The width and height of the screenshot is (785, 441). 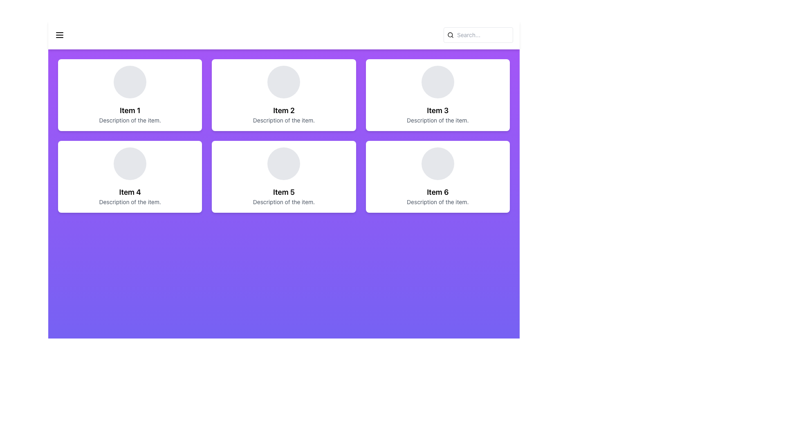 I want to click on the text label displaying 'Description of the item.' located beneath the heading 'Item 2' within its card, so click(x=284, y=120).